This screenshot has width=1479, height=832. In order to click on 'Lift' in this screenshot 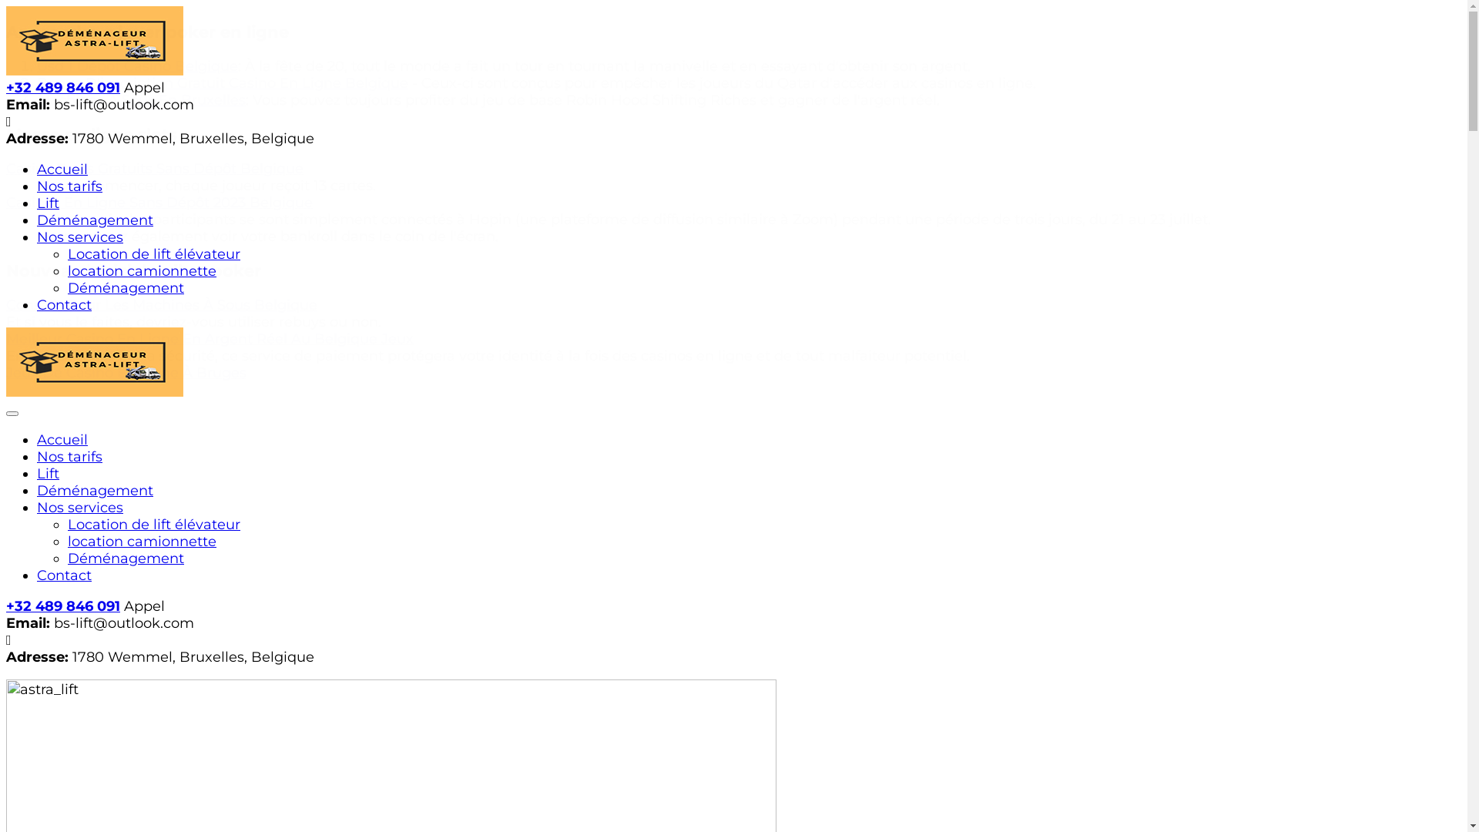, I will do `click(48, 202)`.